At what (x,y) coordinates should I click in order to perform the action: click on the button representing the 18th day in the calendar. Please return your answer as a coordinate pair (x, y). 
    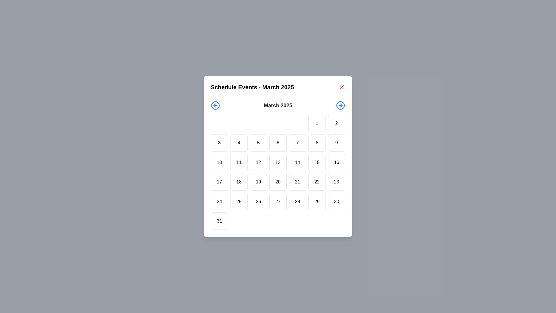
    Looking at the image, I should click on (239, 182).